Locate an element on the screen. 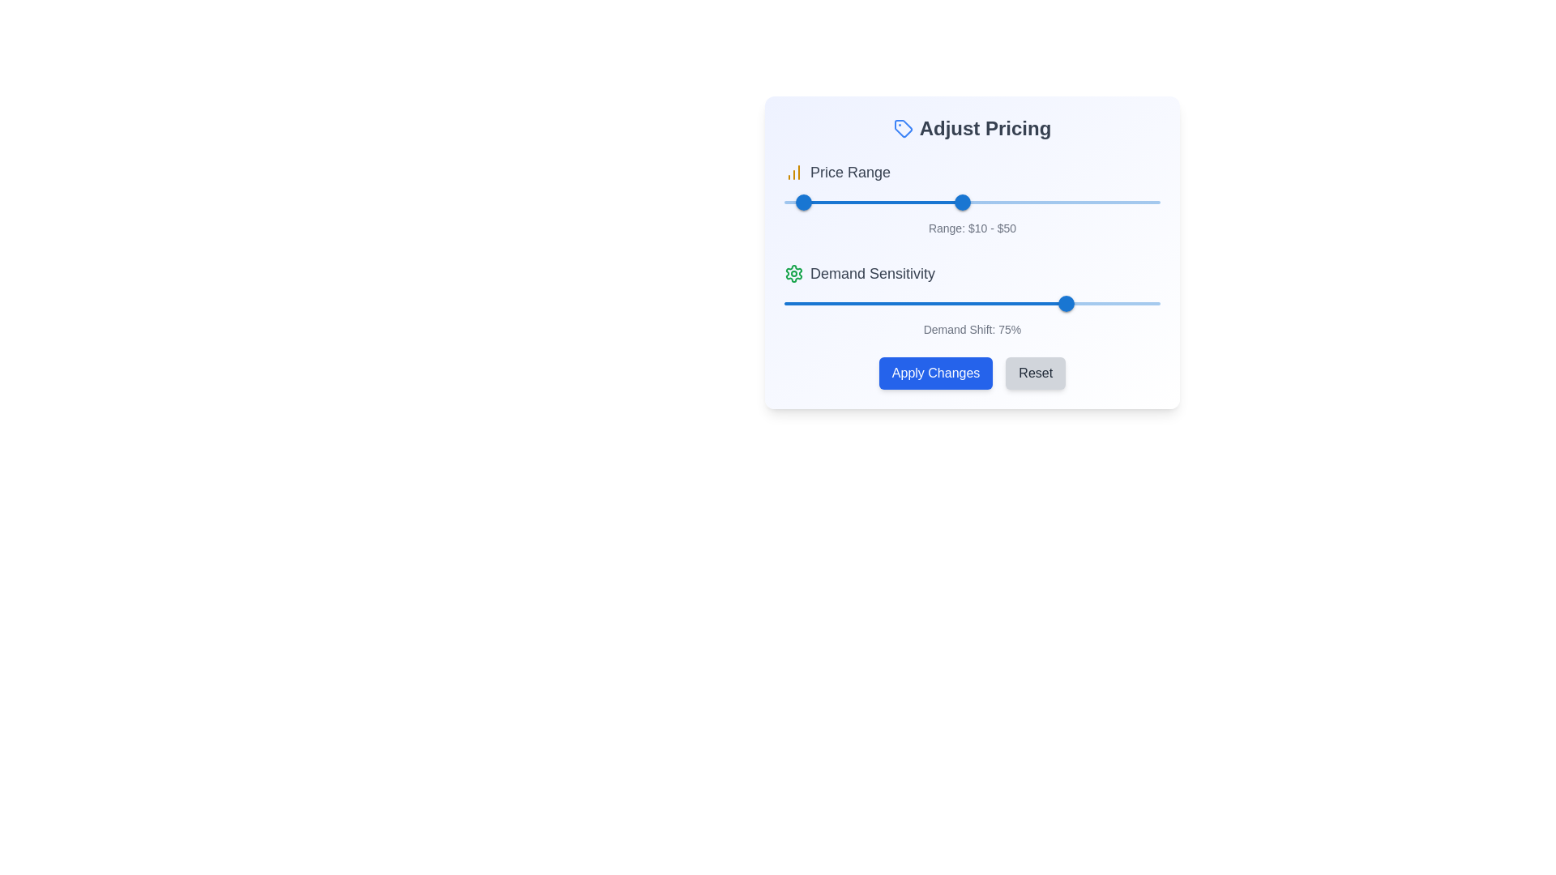  the horizontal blue slider track element in the 'Price Range' section of the 'Adjust Pricing' card interface, which is positioned between the slider thumbs labeled '10' and '50' is located at coordinates (883, 202).